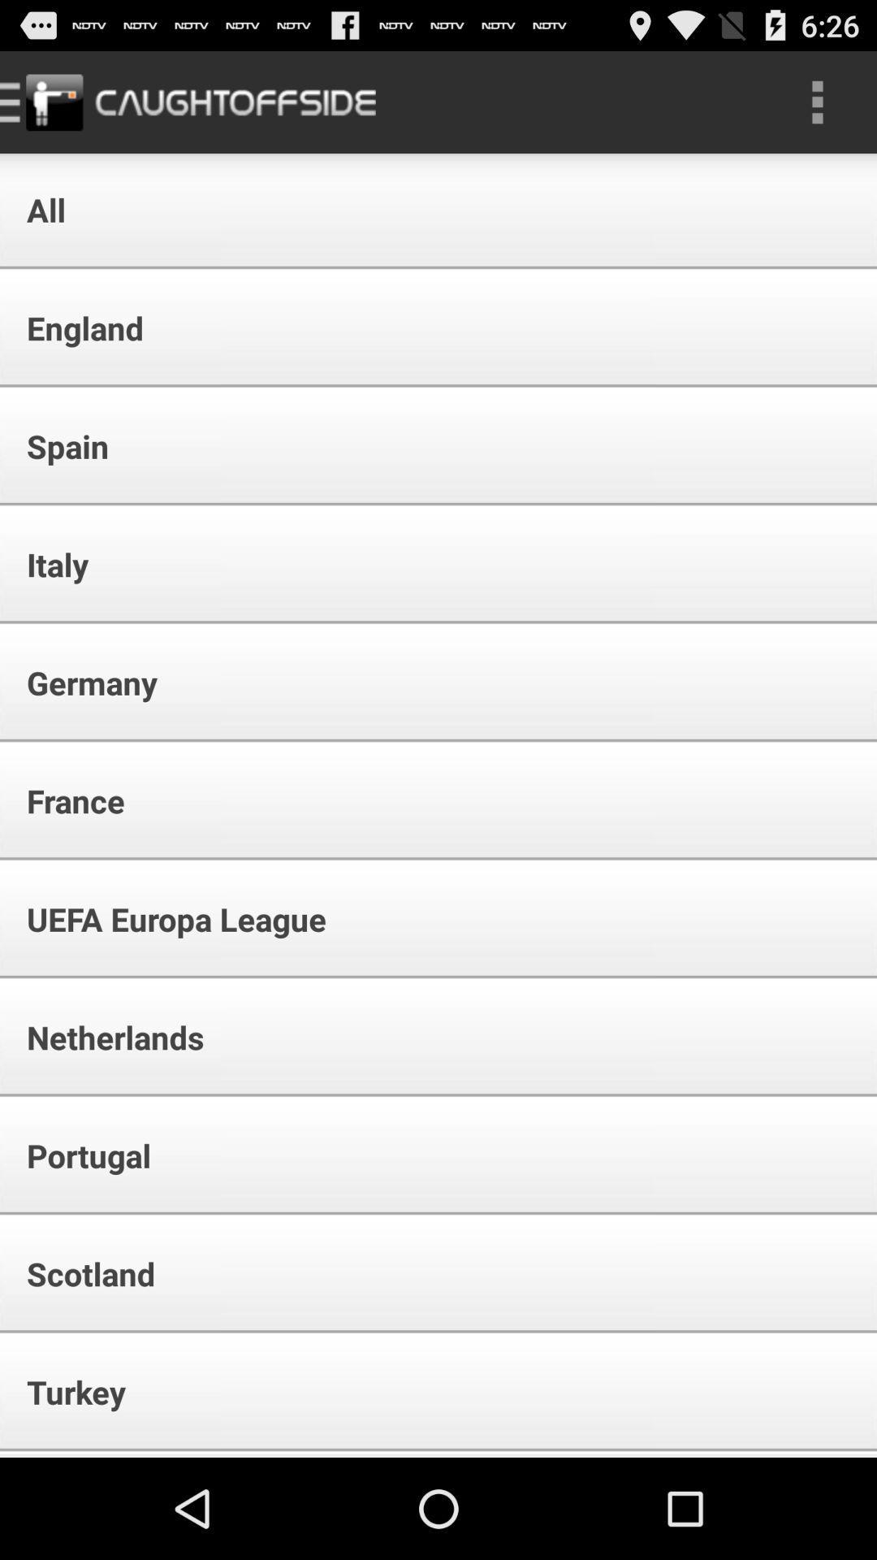 The image size is (877, 1560). Describe the element at coordinates (81, 682) in the screenshot. I see `the germany item` at that location.